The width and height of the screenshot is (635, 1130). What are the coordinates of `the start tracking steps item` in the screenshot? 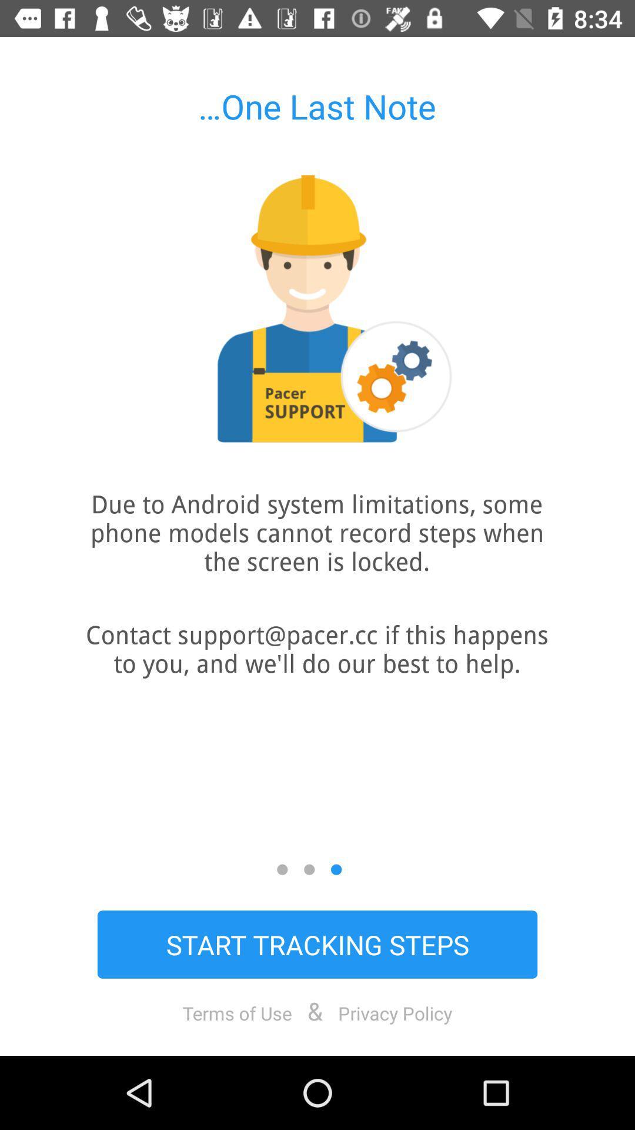 It's located at (317, 944).